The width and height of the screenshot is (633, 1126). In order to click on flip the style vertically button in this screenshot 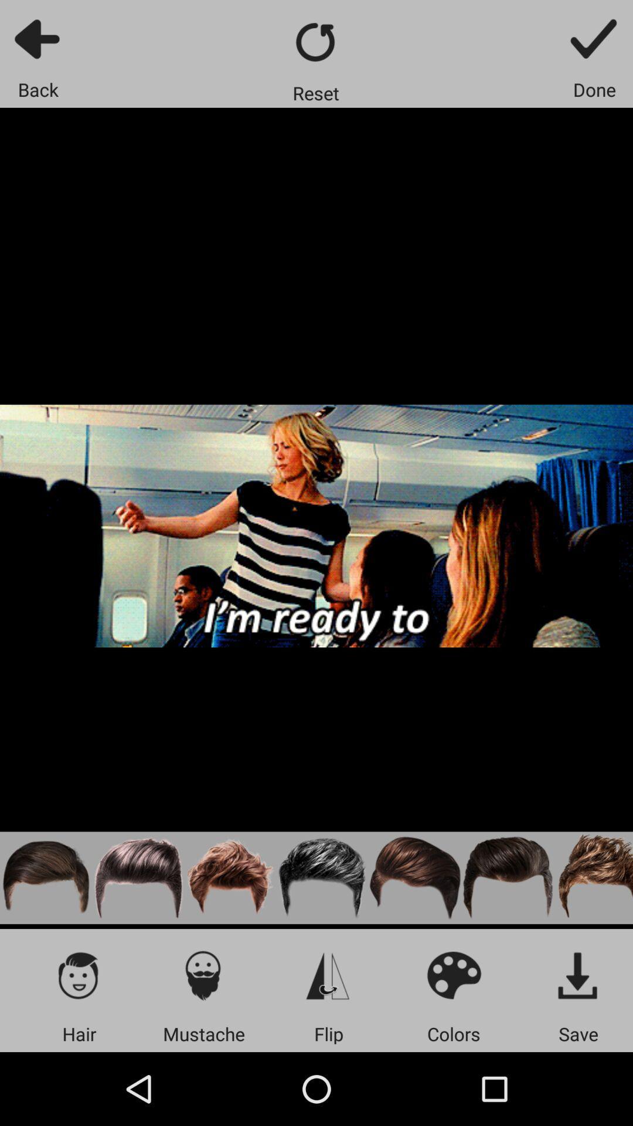, I will do `click(328, 975)`.